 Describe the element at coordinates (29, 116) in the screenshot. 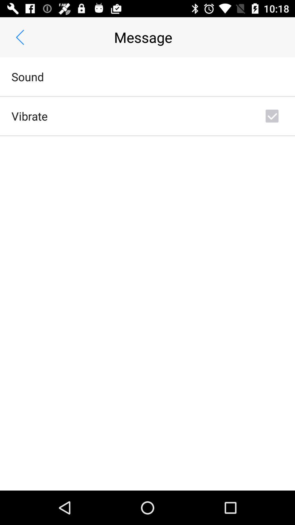

I see `the item below the sound icon` at that location.